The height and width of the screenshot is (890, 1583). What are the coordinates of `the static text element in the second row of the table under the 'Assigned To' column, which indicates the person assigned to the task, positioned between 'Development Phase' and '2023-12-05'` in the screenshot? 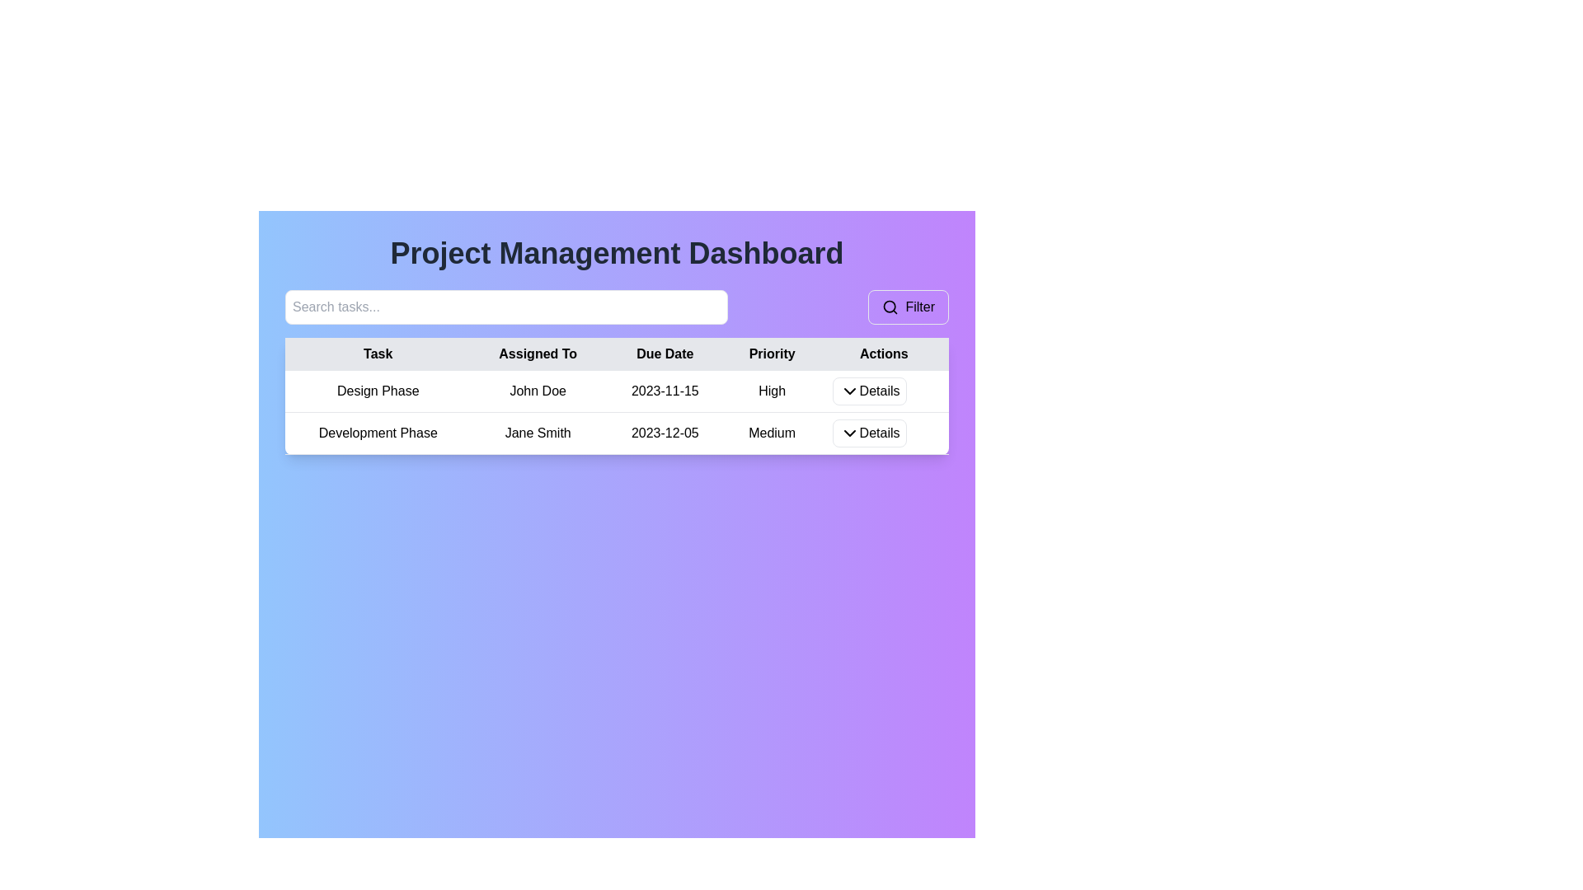 It's located at (538, 432).